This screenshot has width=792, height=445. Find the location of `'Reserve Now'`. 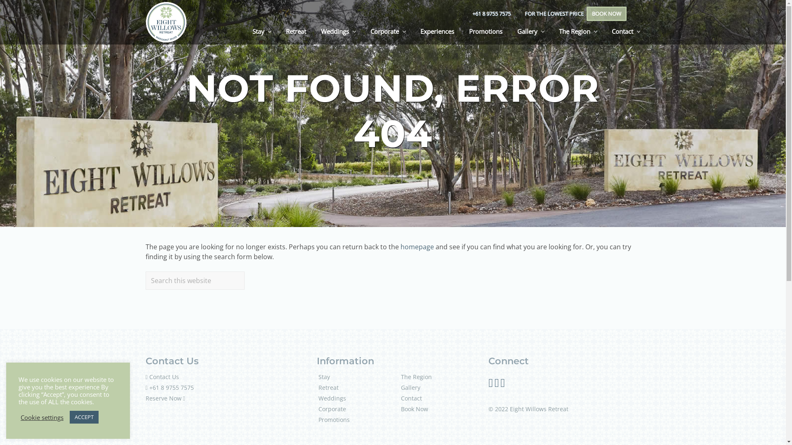

'Reserve Now' is located at coordinates (145, 398).